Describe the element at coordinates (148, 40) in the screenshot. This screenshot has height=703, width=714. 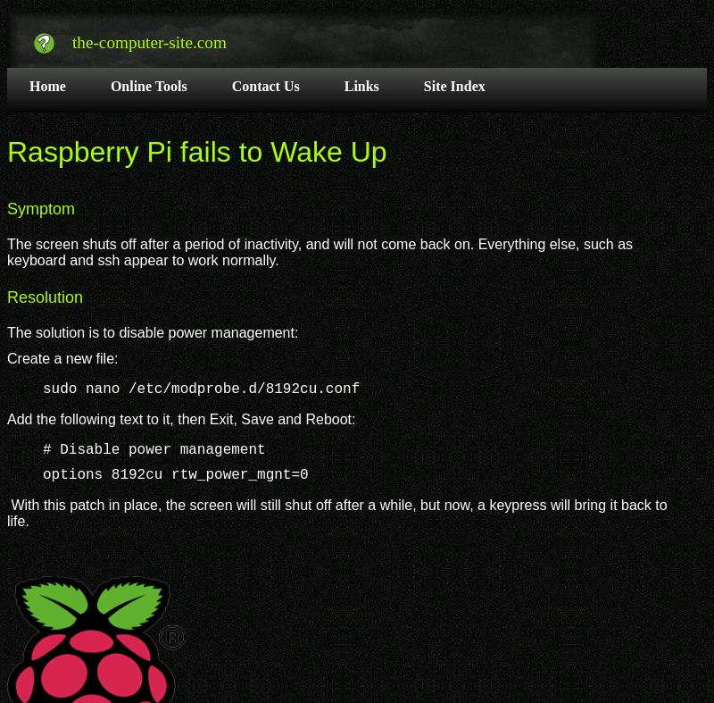
I see `'the-computer-site.com'` at that location.